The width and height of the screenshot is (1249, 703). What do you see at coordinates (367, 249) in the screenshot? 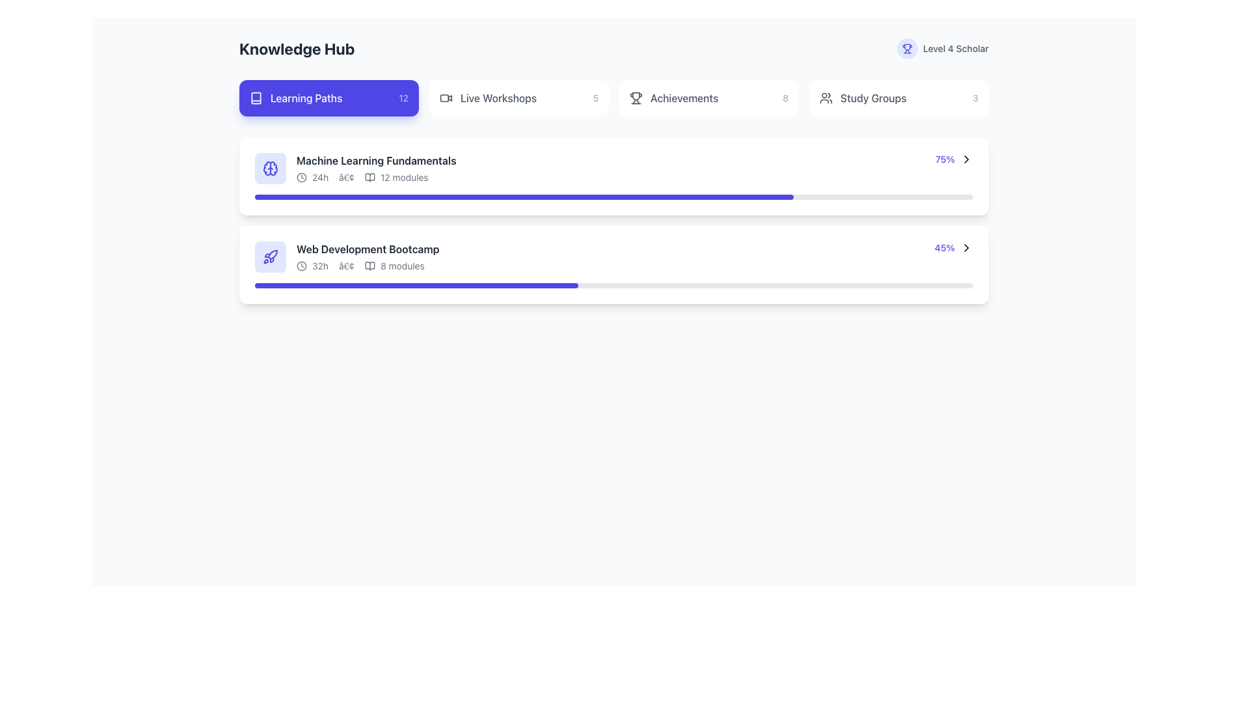
I see `the text label displaying 'Web Development Bootcamp' which is styled in bold dark gray and is the first line in its content block` at bounding box center [367, 249].